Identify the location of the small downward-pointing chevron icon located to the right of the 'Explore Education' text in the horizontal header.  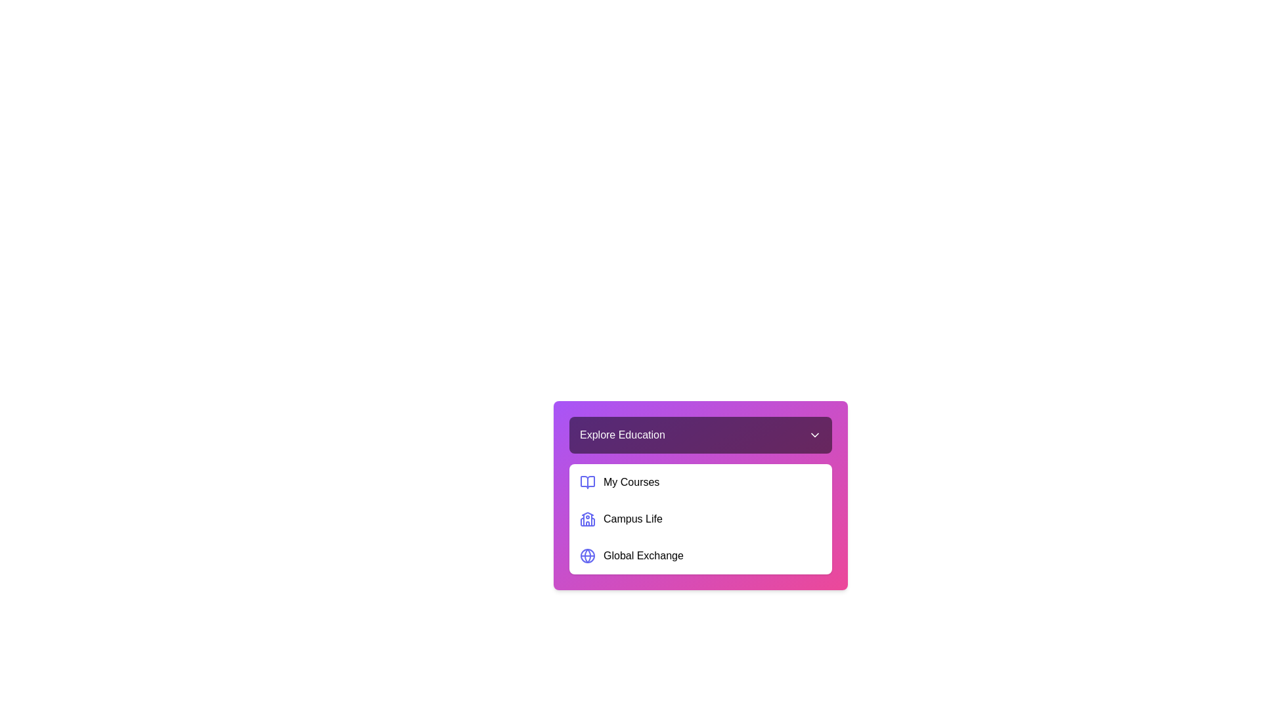
(814, 435).